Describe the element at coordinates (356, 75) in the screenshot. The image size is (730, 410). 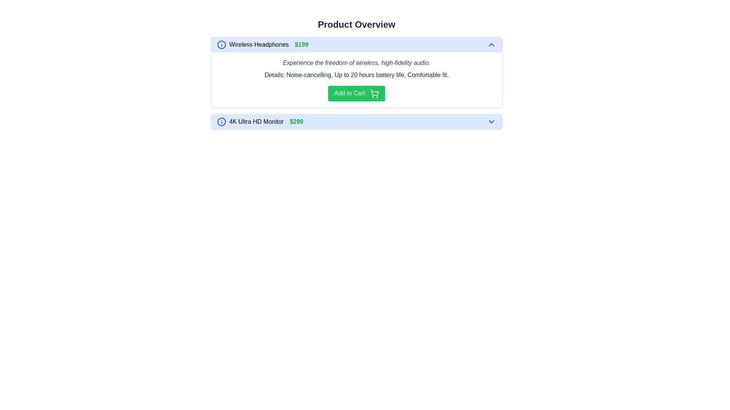
I see `the text block located below the primary description of the 'Wireless Headphones' product and above the 'Add to Cart' button` at that location.